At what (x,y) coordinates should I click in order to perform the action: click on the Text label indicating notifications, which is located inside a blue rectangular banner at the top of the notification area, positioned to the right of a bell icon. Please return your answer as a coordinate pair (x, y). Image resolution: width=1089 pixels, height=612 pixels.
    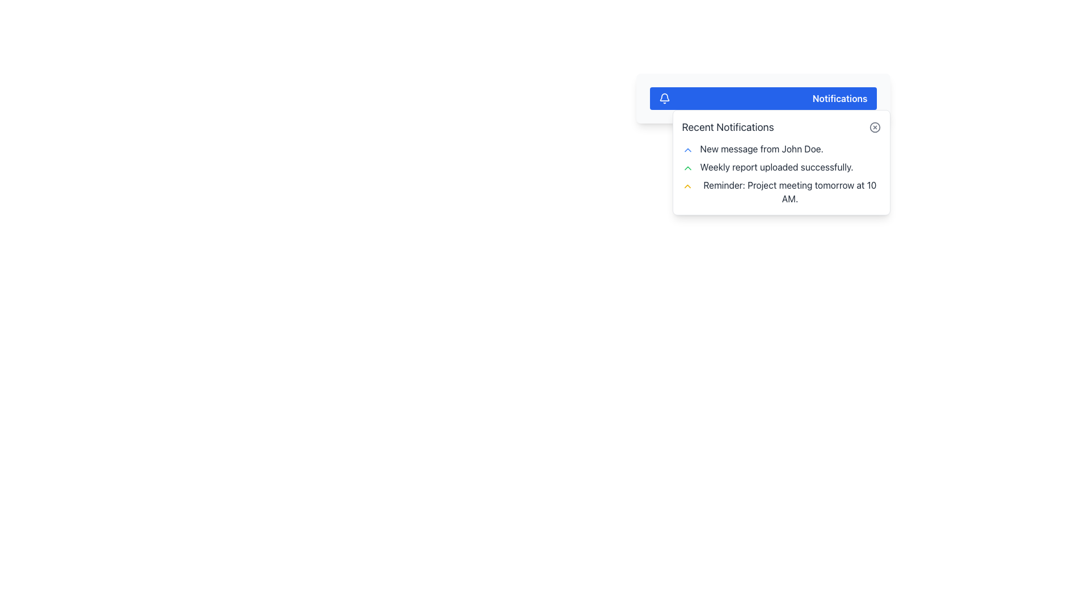
    Looking at the image, I should click on (840, 97).